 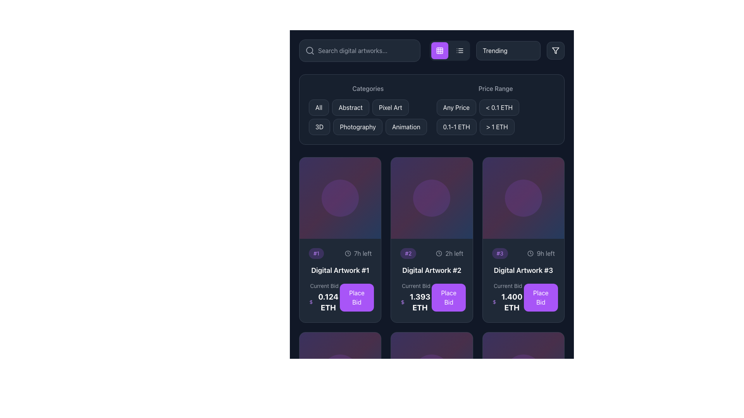 What do you see at coordinates (358, 254) in the screenshot?
I see `remaining time displayed in the timer text indicating '7 hours left' located to the right of the label '#1' on the card for 'Digital Artwork #1.'` at bounding box center [358, 254].